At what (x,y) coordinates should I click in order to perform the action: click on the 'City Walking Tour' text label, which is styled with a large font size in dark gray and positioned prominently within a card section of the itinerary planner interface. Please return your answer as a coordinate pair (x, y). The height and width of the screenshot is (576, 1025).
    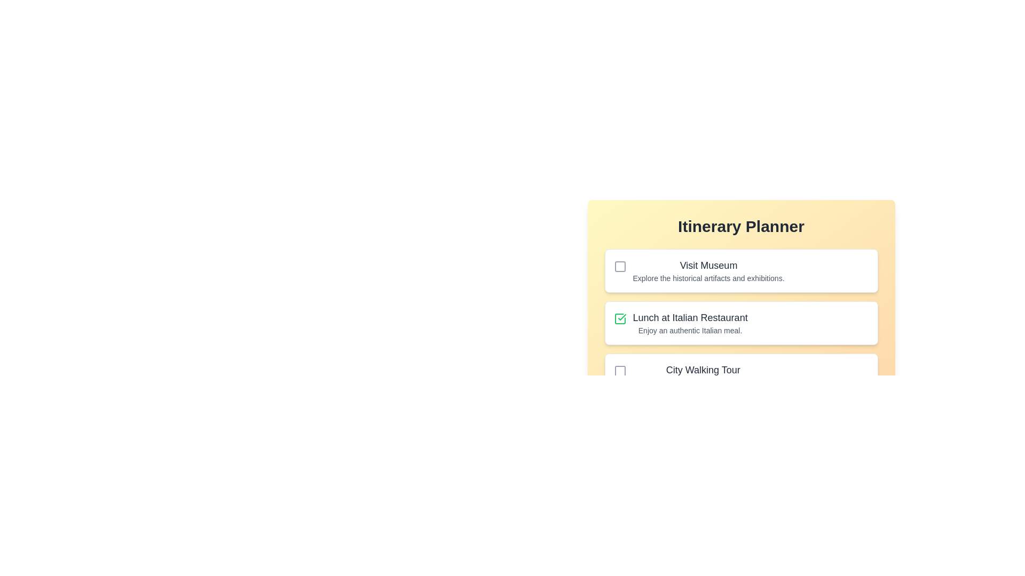
    Looking at the image, I should click on (703, 370).